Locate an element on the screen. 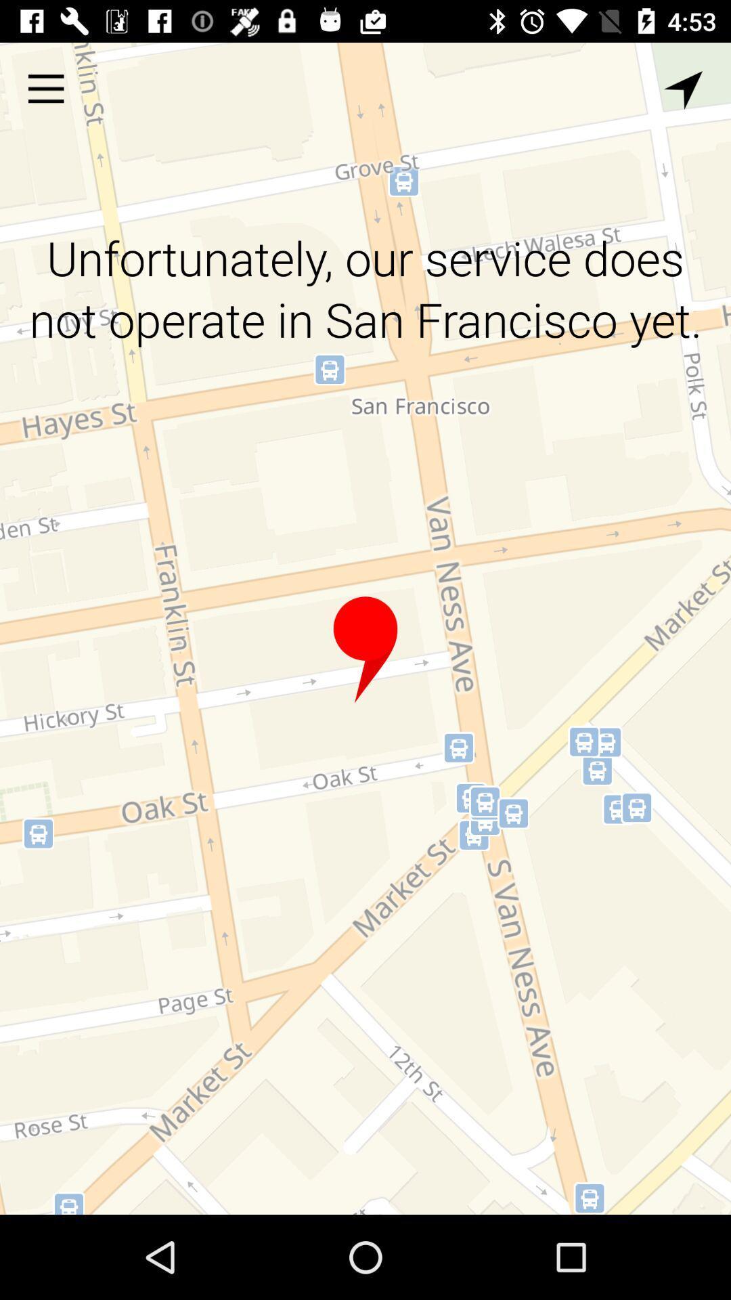  the navigation icon is located at coordinates (683, 89).